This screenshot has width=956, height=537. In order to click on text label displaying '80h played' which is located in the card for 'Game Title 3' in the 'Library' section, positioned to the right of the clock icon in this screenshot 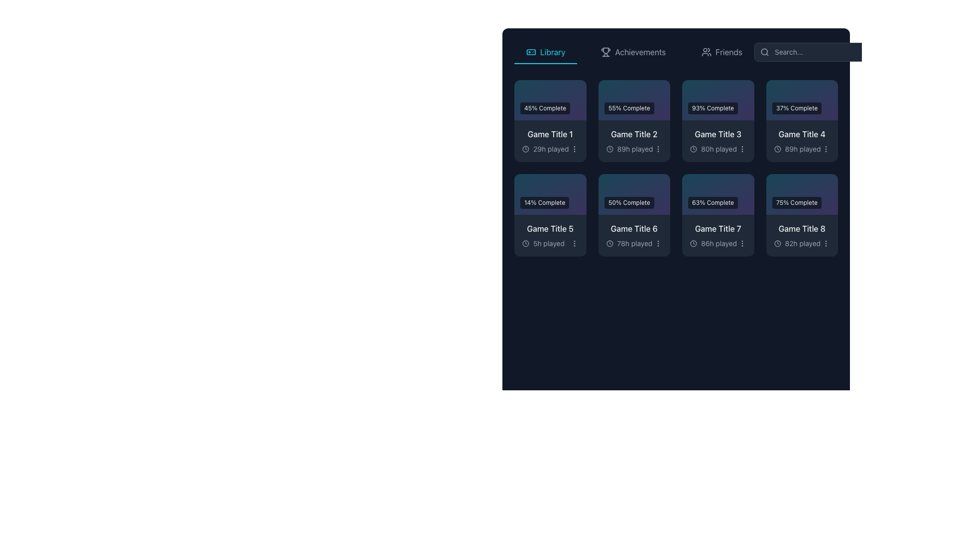, I will do `click(719, 149)`.